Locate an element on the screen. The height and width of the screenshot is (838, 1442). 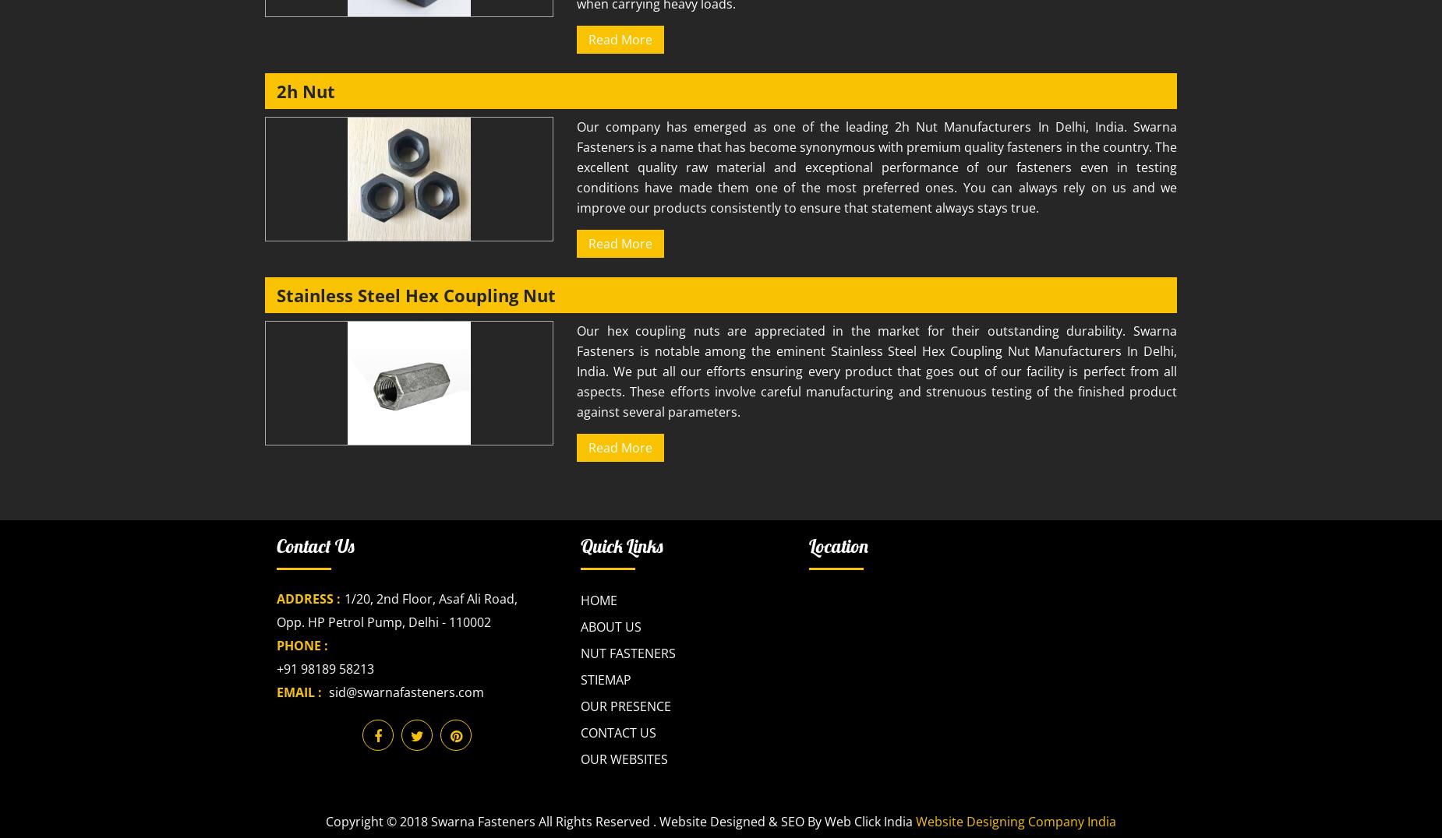
'Our company has emerged as one of the leading 2h Nut Manufacturers In Delhi, India. Swarna Fasteners is a name that has become synonymous with premium quality fasteners in the country. The excellent quality raw material and exceptional performance of our fasteners even in testing conditions have made them one of the most preferred ones. You can always rely on us and we improve our products consistently to ensure that statement always stays true.' is located at coordinates (875, 166).